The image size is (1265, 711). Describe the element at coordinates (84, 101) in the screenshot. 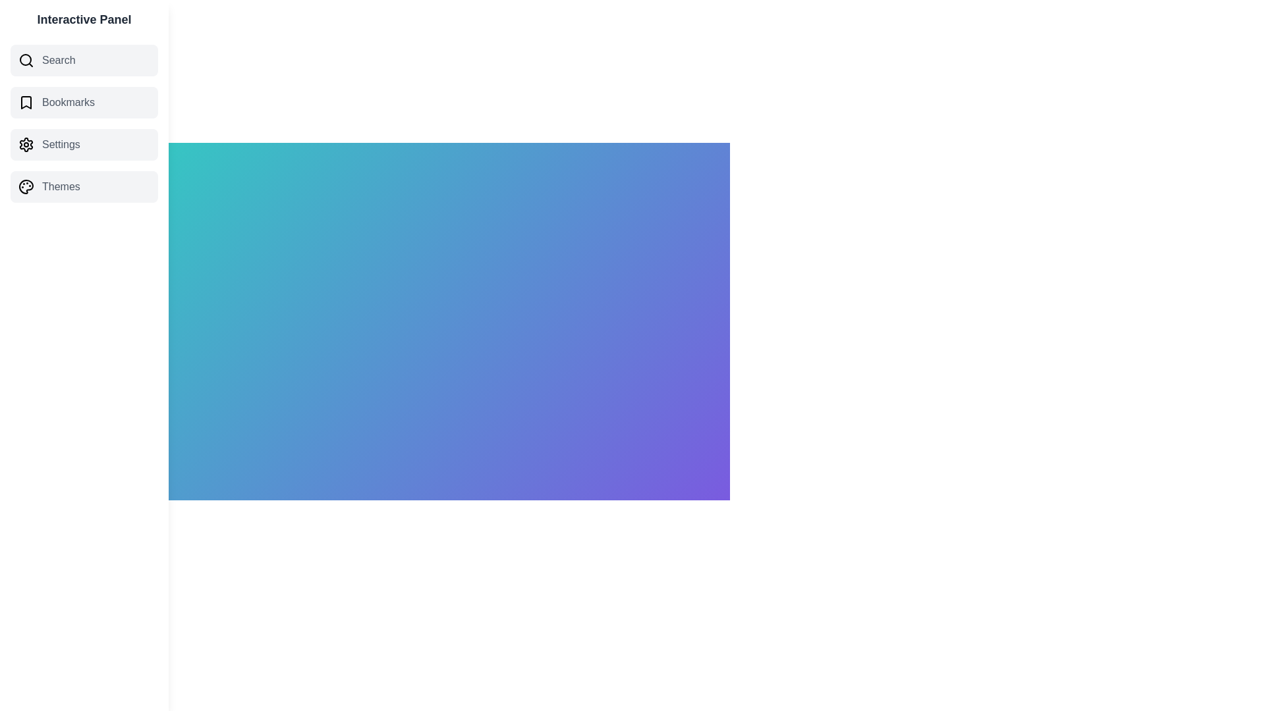

I see `the category Bookmarks from the list` at that location.